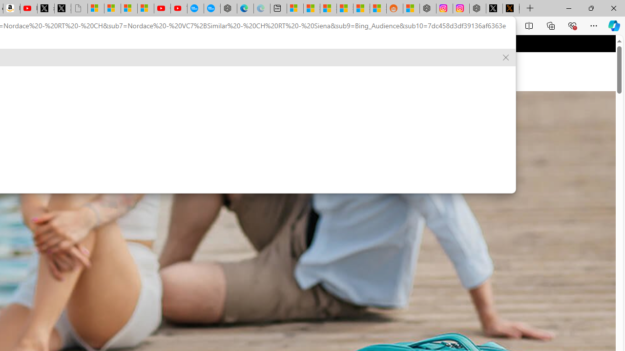  I want to click on 'Nordace (@NordaceOfficial) / X', so click(494, 8).